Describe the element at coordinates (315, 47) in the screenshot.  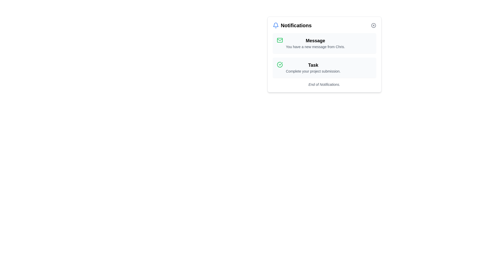
I see `the text element displaying 'You have a new message from Chris.' which is styled in a smaller gray font, located under the heading 'Message' in the notification card layout` at that location.